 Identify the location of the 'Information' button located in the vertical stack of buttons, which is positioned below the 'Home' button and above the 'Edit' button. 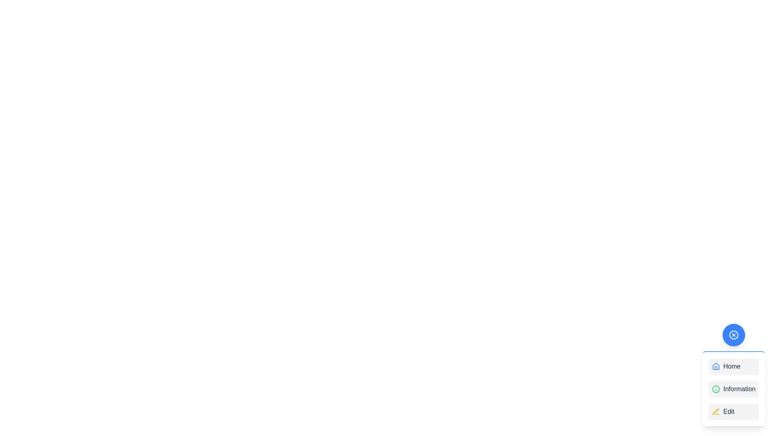
(734, 388).